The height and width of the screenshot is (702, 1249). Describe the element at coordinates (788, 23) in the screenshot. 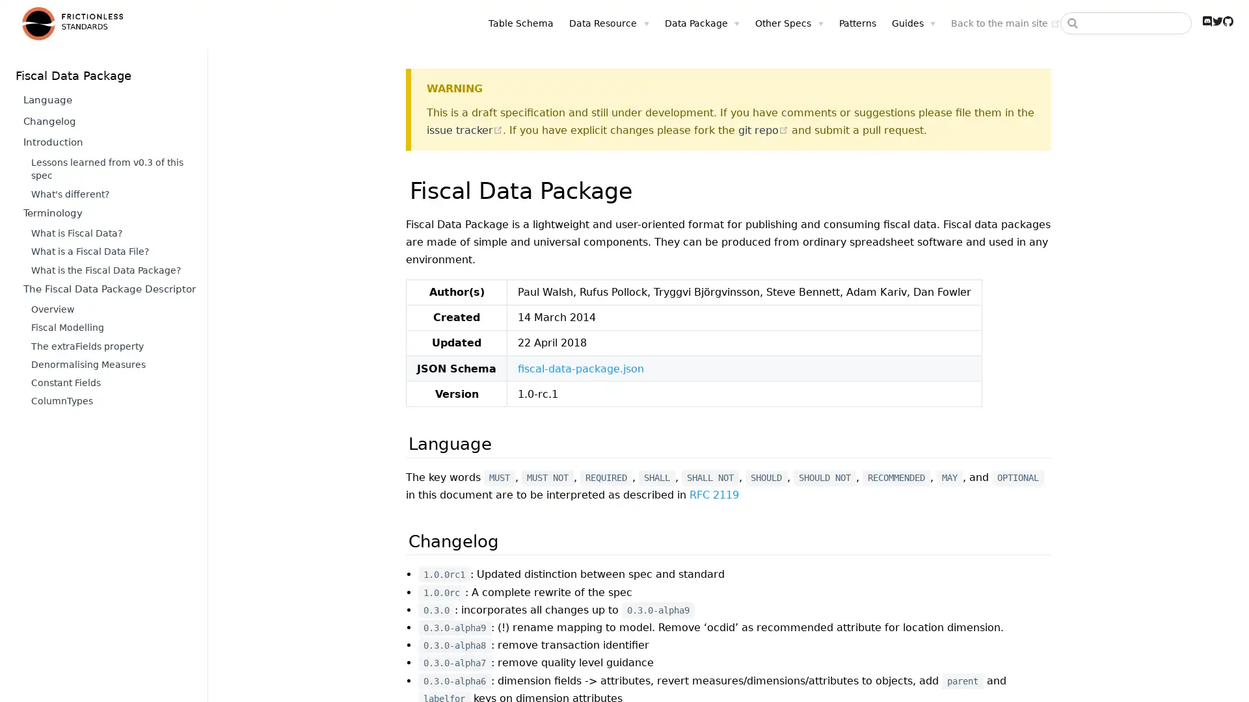

I see `Other Specs` at that location.